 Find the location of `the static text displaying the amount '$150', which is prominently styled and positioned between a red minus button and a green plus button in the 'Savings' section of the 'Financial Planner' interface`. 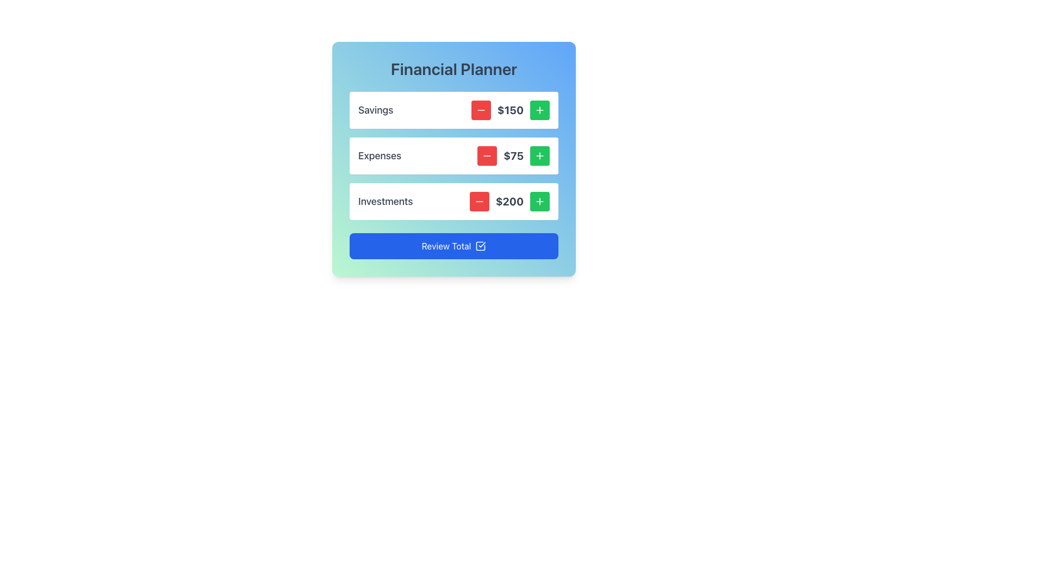

the static text displaying the amount '$150', which is prominently styled and positioned between a red minus button and a green plus button in the 'Savings' section of the 'Financial Planner' interface is located at coordinates (509, 110).